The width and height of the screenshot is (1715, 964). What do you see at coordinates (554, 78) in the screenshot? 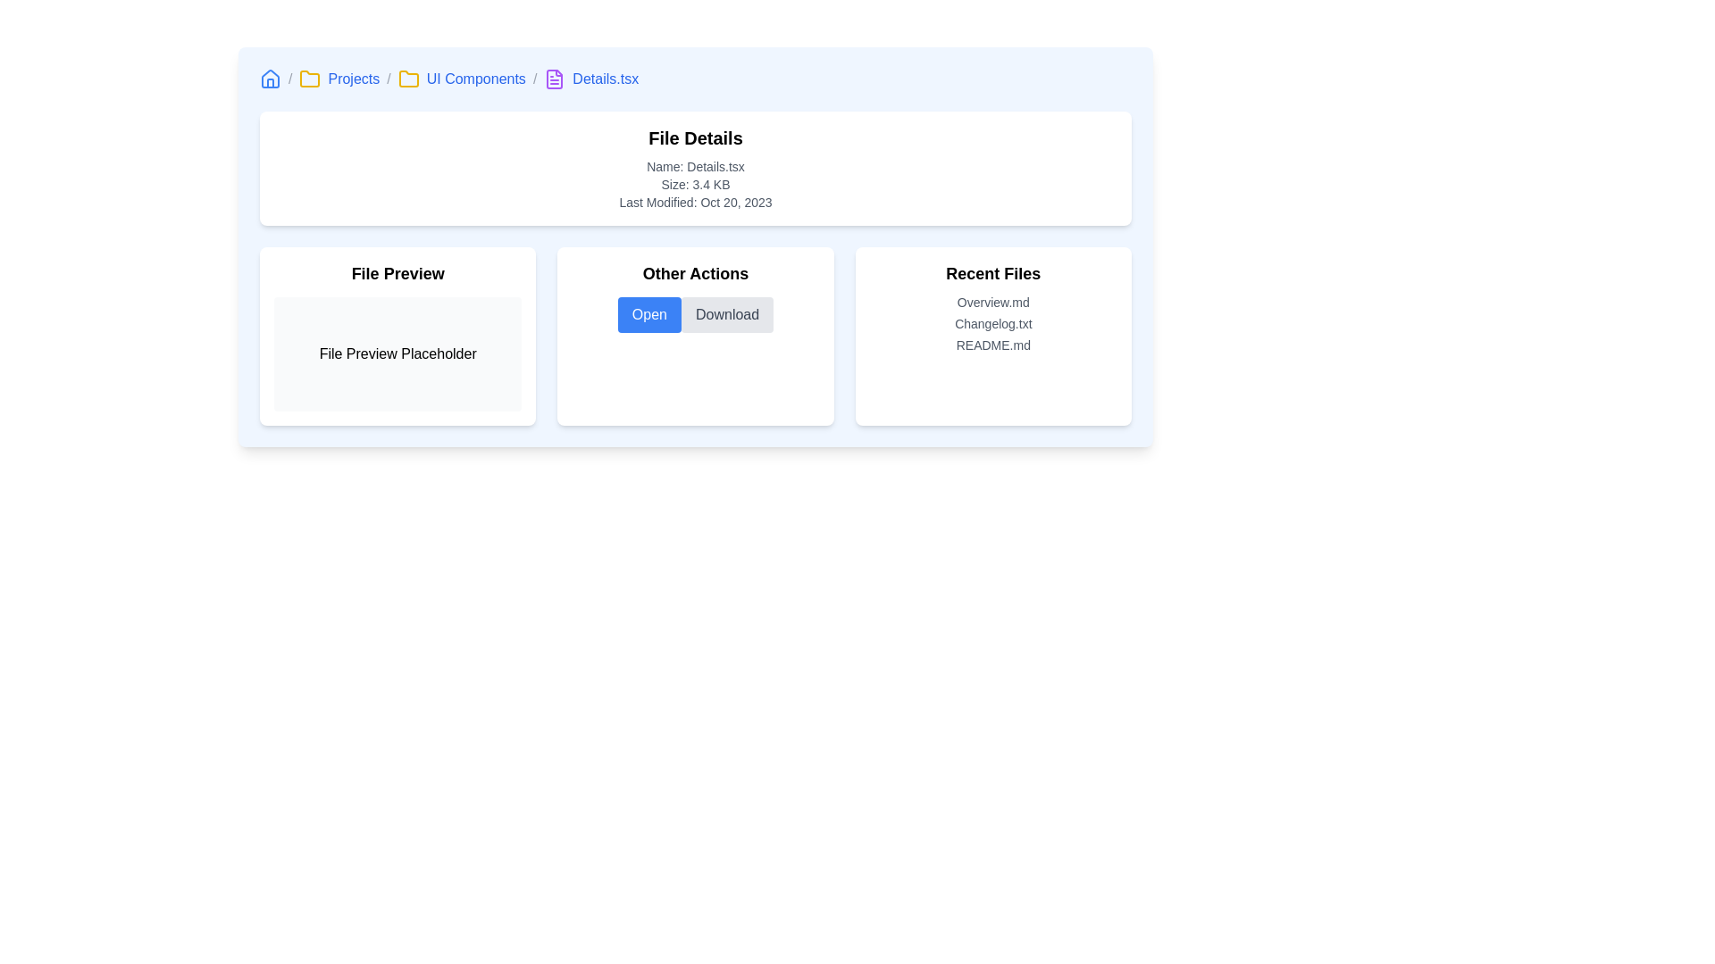
I see `the small purple-colored document icon in the breadcrumb navigation bar, located right before the text 'Details.tsx'` at bounding box center [554, 78].